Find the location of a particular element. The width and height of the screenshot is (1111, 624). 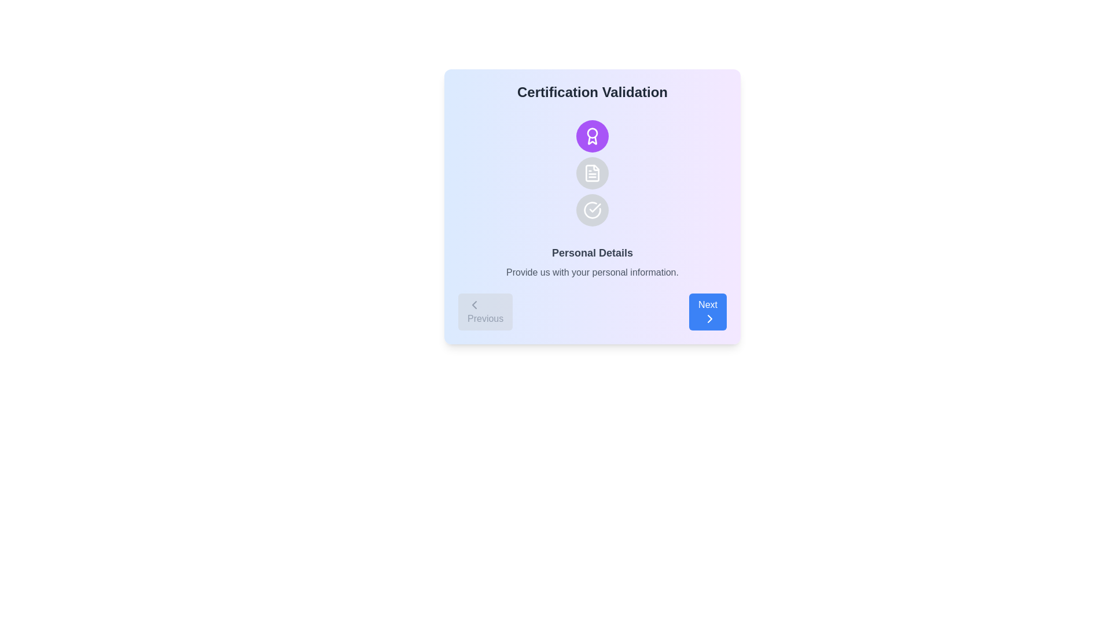

the document or file-related icon that is centrally positioned below a purple circular icon and above a gray circular icon with a checkmark is located at coordinates (592, 173).